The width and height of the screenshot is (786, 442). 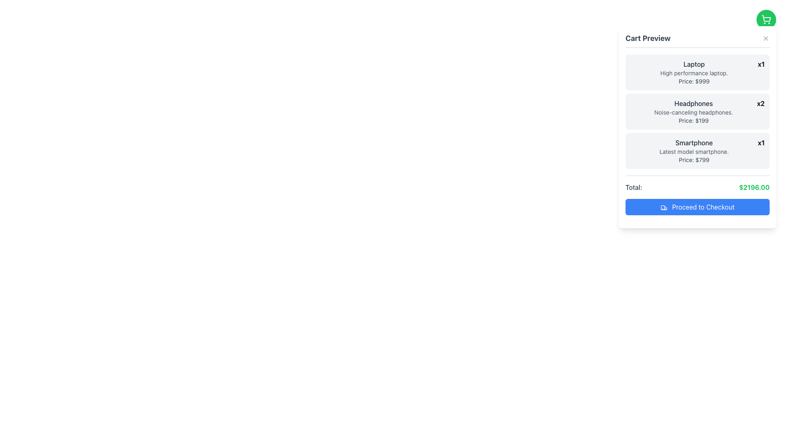 What do you see at coordinates (693, 81) in the screenshot?
I see `the static text label displaying the pricing of the laptop in the cart preview section, located below the item description and above the quantity indicator` at bounding box center [693, 81].